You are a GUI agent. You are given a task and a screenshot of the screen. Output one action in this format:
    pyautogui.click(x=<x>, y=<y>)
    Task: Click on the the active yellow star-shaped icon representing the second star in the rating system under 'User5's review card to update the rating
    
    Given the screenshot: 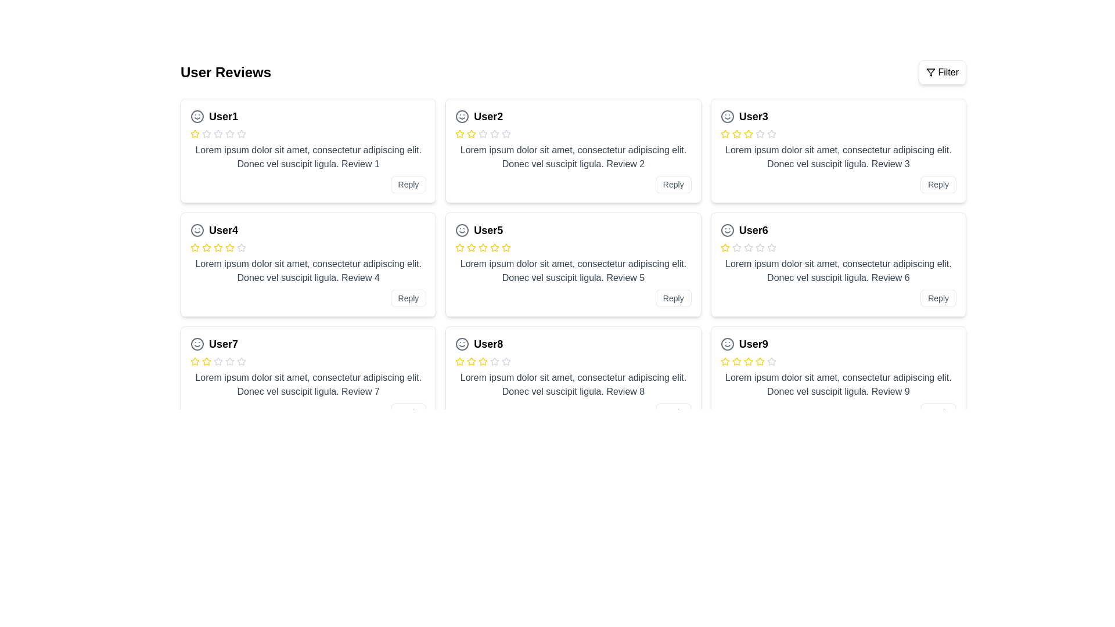 What is the action you would take?
    pyautogui.click(x=459, y=247)
    